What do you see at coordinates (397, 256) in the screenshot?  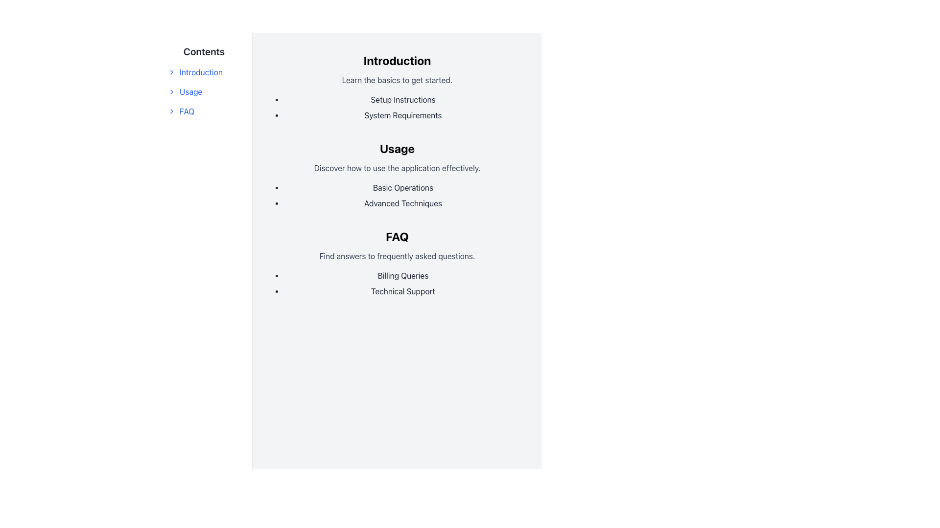 I see `text string styled in gray that says 'Find answers to frequently asked questions.' located under the 'FAQ' heading in the vertical list` at bounding box center [397, 256].